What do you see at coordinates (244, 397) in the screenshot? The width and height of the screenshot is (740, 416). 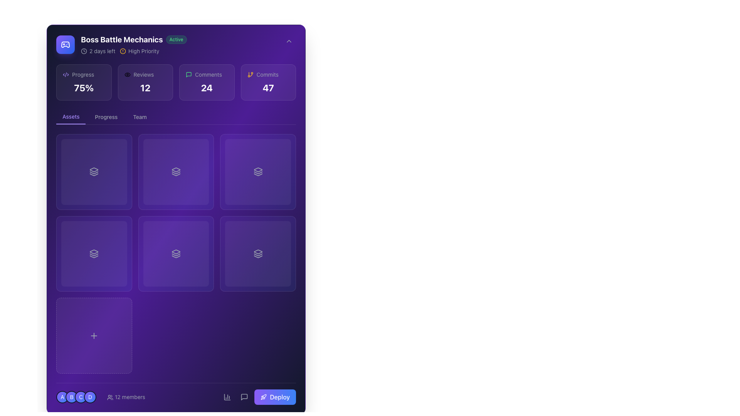 I see `the comment icon represented as a speech bubble outline in the bottom-right corner of the interface` at bounding box center [244, 397].